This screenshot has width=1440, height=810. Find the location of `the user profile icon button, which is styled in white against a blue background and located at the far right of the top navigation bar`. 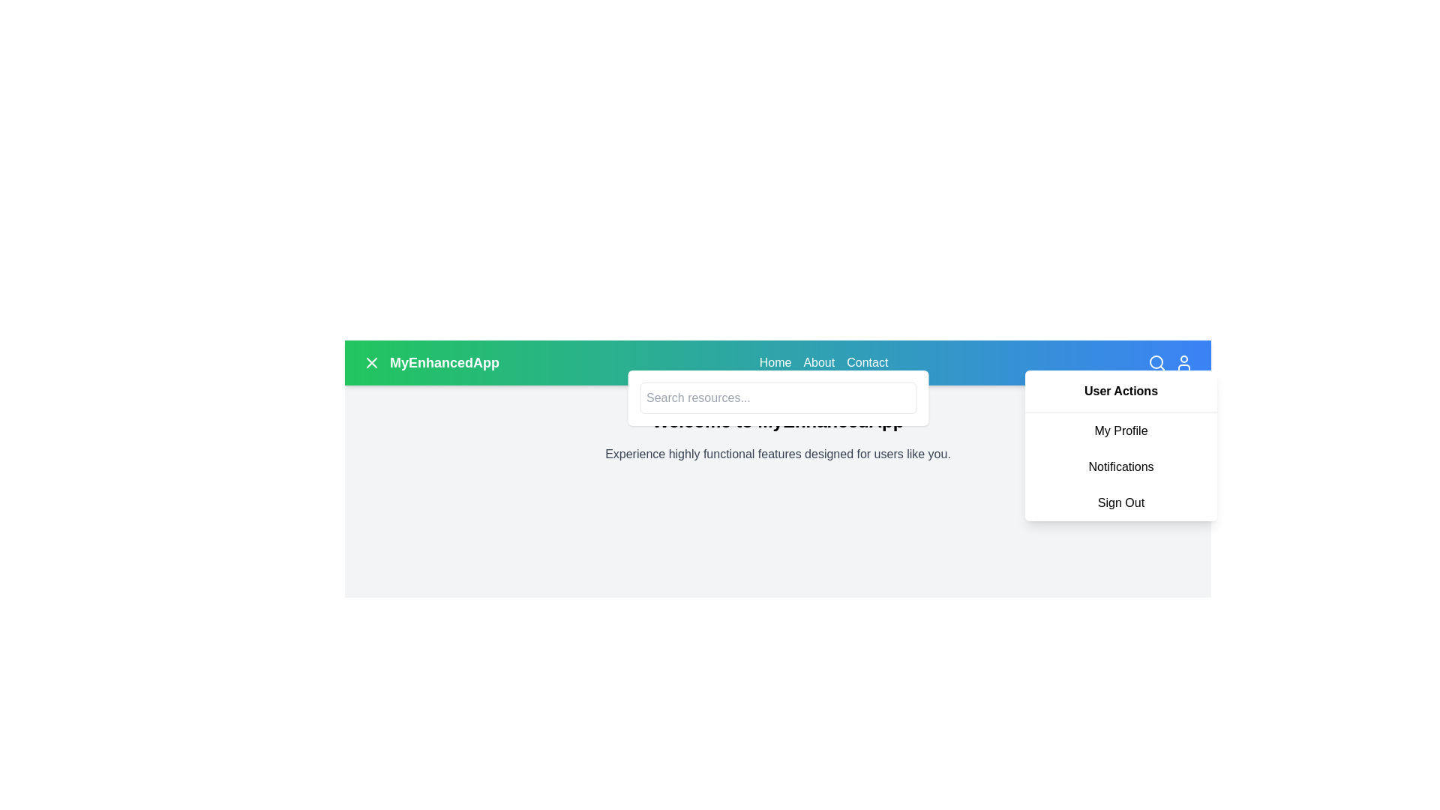

the user profile icon button, which is styled in white against a blue background and located at the far right of the top navigation bar is located at coordinates (1183, 362).